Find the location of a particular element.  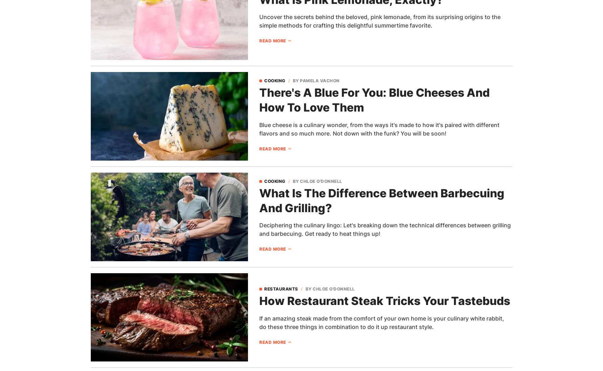

'Blue cheese is a culinary wonder, from the ways it's made to how it's paired with different flavors and so much more. Not down with the funk? You will be soon!' is located at coordinates (379, 128).